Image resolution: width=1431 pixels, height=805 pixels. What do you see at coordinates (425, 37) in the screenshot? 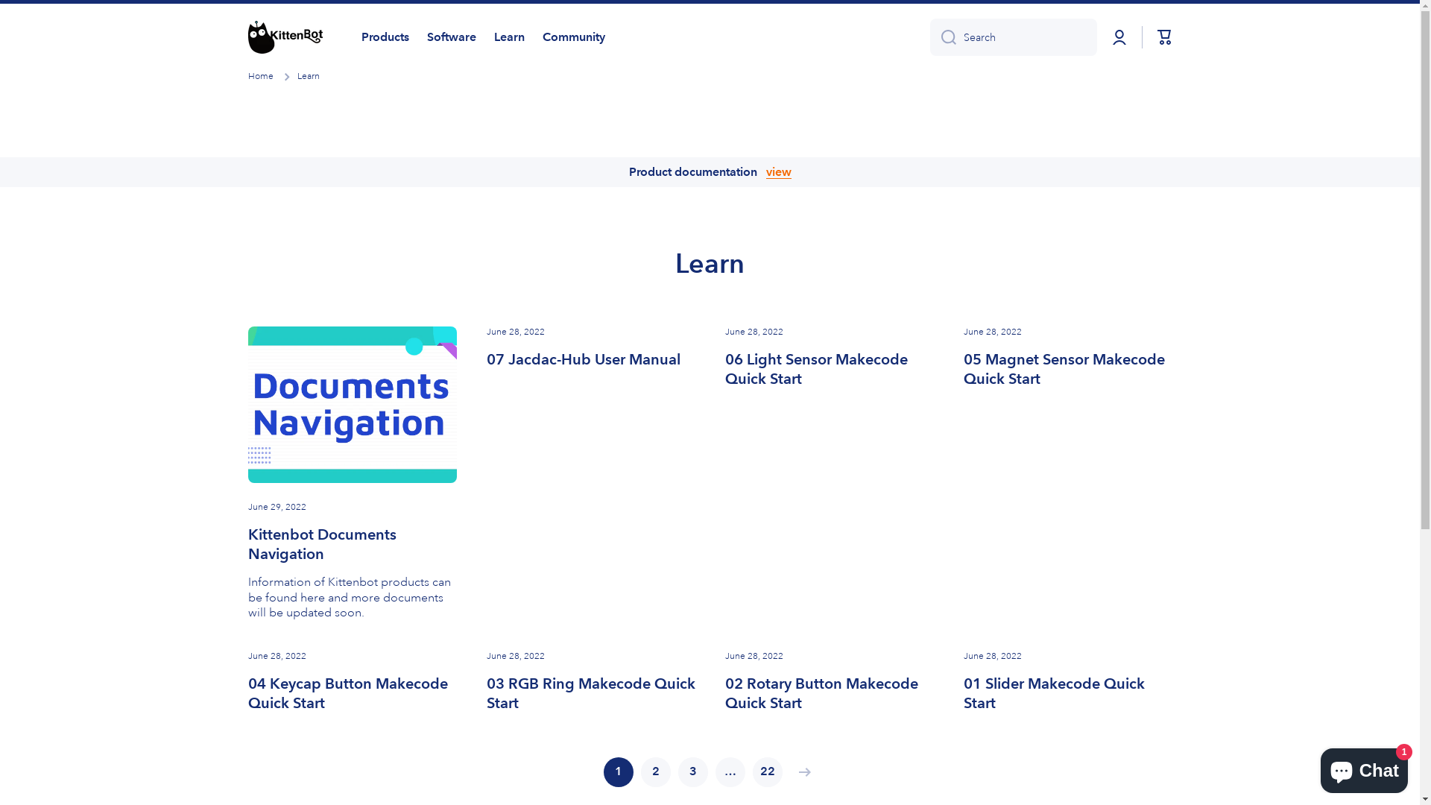
I see `'Software'` at bounding box center [425, 37].